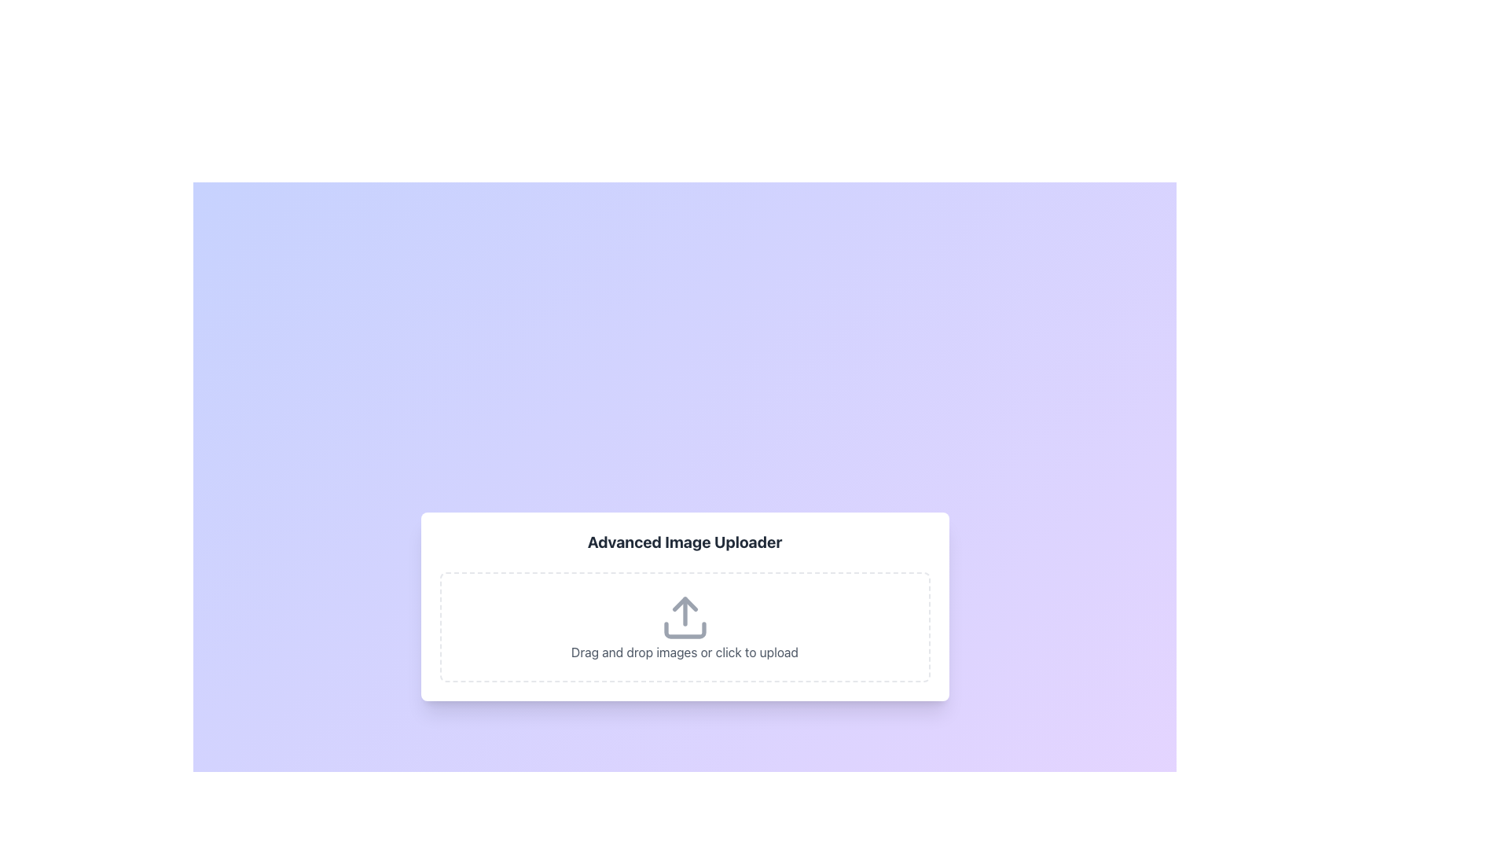 The height and width of the screenshot is (849, 1509). Describe the element at coordinates (685, 617) in the screenshot. I see `the SVG icon resembling an upward-pointing arrow within a U-shape` at that location.